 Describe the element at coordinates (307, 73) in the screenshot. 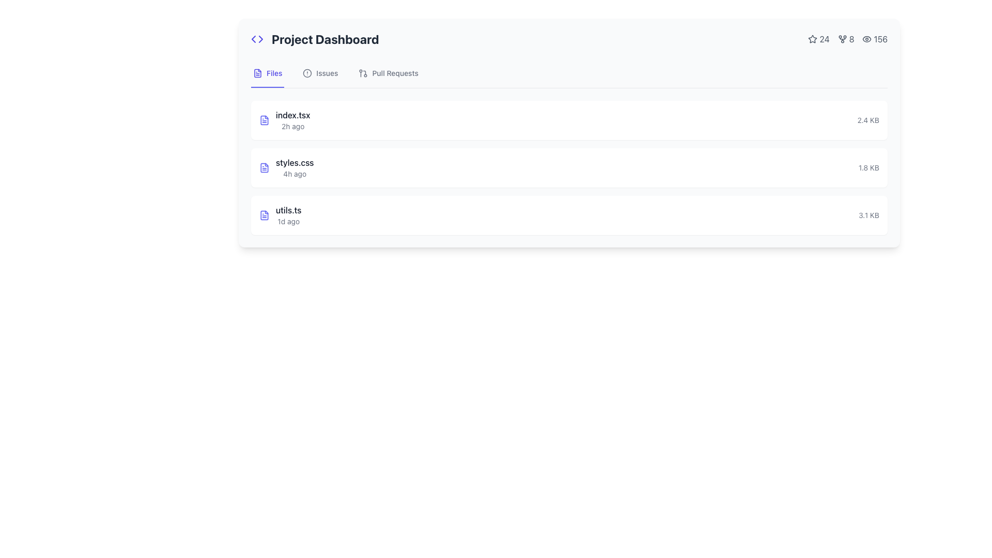

I see `the circular graphic element with a white fill and black border, which is part of the alert icon located in the header section between the 'Files' and 'Issues' tabs` at that location.